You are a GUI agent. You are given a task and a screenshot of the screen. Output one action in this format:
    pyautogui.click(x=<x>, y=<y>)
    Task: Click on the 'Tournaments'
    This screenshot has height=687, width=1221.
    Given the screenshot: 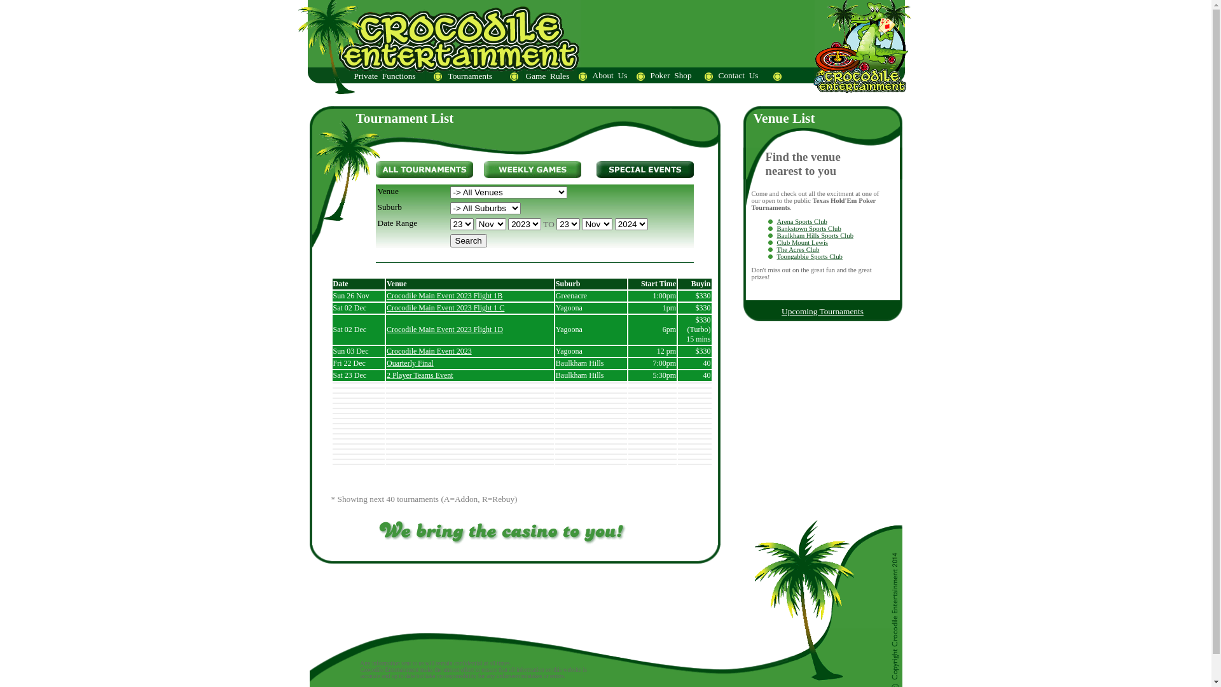 What is the action you would take?
    pyautogui.click(x=445, y=76)
    